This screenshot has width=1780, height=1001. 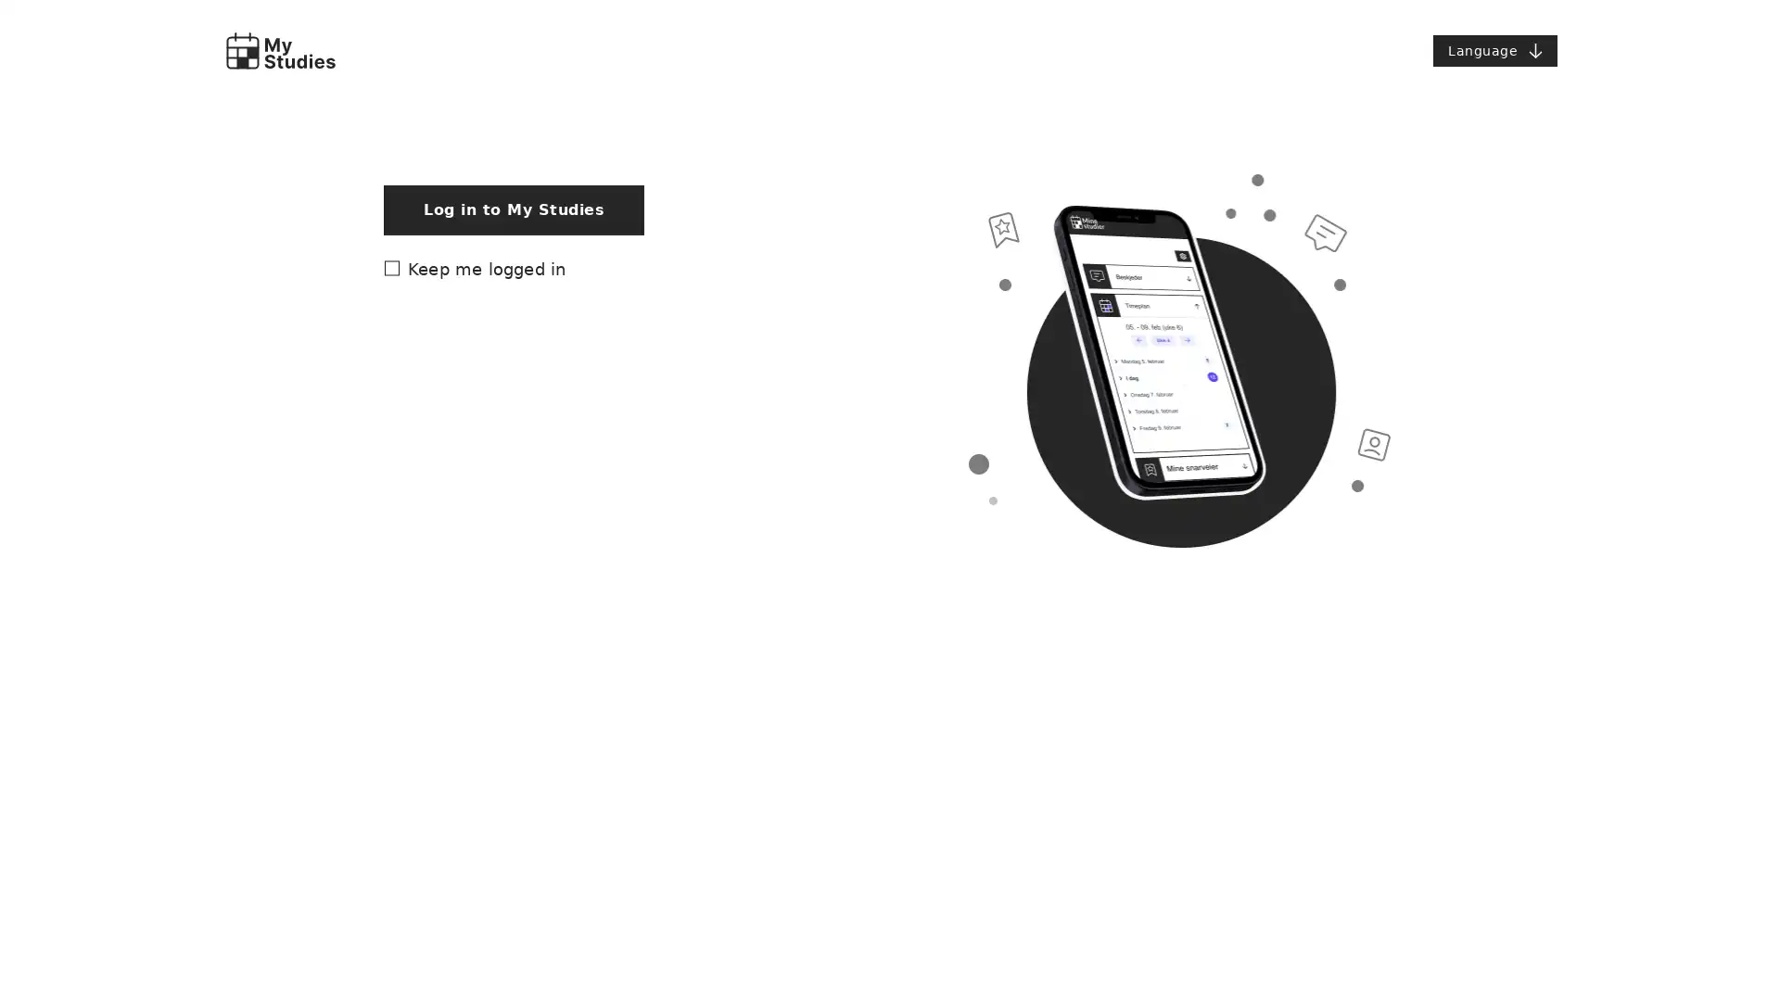 I want to click on Log in to My Studies, so click(x=514, y=668).